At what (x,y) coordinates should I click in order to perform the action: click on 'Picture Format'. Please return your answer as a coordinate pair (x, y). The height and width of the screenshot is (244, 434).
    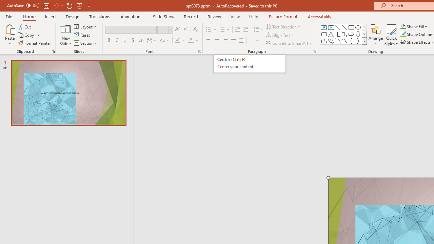
    Looking at the image, I should click on (283, 16).